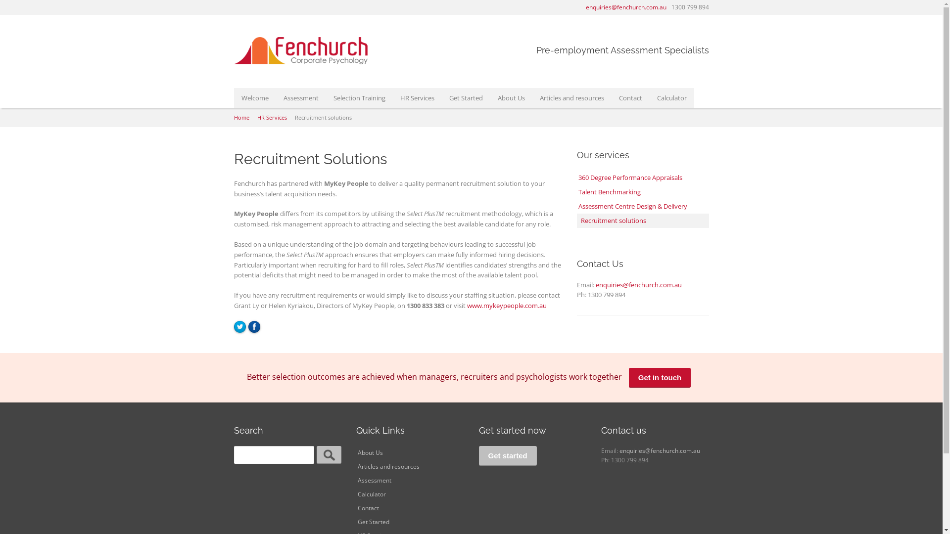 The width and height of the screenshot is (950, 534). Describe the element at coordinates (410, 508) in the screenshot. I see `'Contact'` at that location.